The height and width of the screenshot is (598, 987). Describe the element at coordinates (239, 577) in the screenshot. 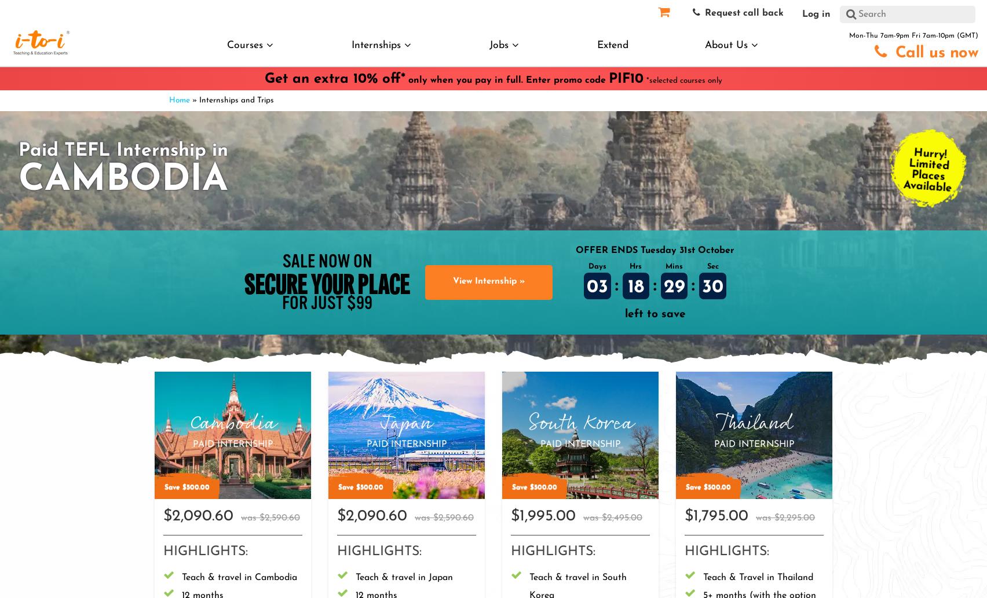

I see `'Teach & travel in Cambodia'` at that location.